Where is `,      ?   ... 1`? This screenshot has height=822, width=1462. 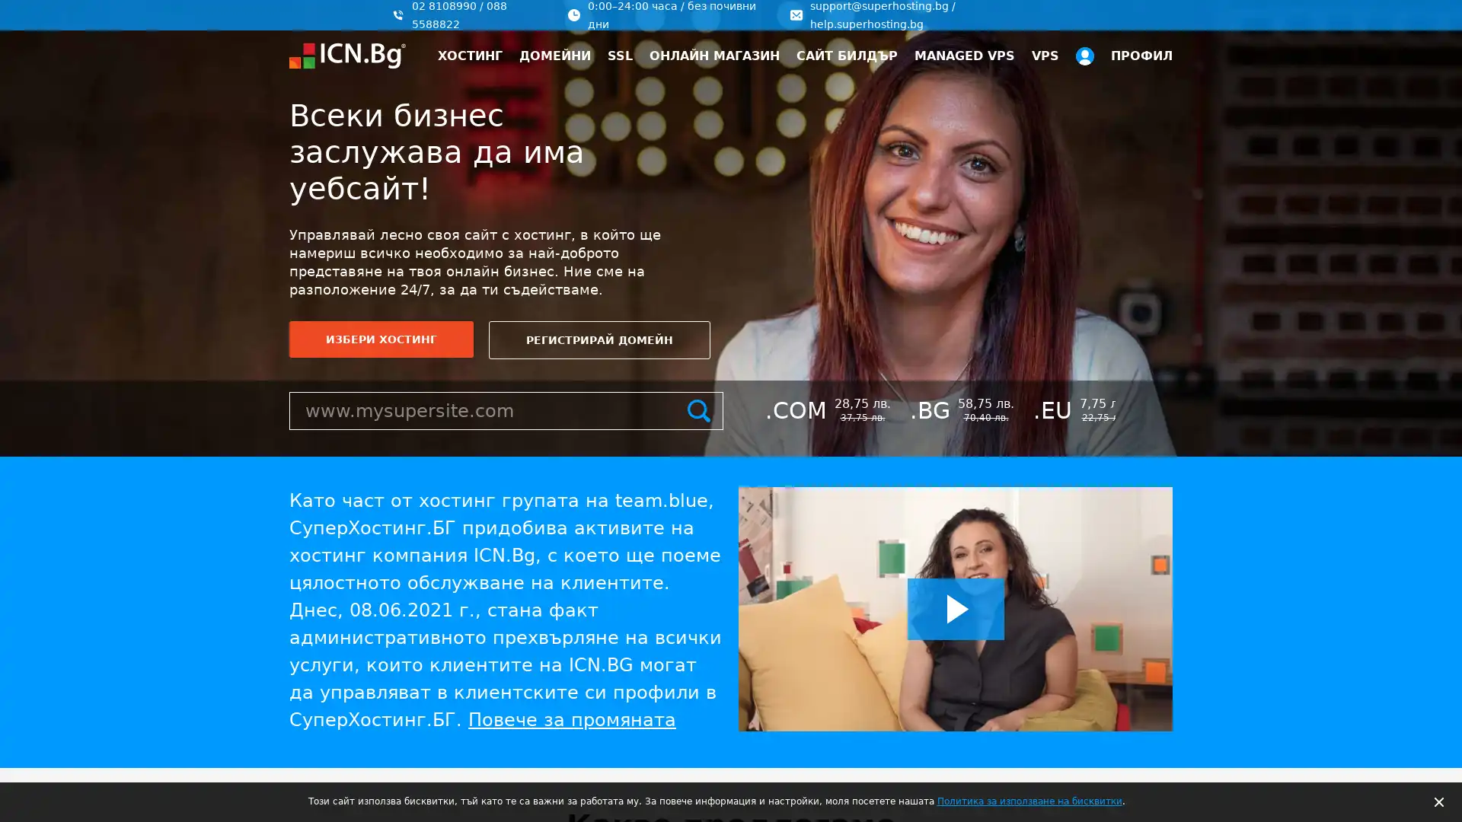
,      ?   ... 1 is located at coordinates (1420, 744).